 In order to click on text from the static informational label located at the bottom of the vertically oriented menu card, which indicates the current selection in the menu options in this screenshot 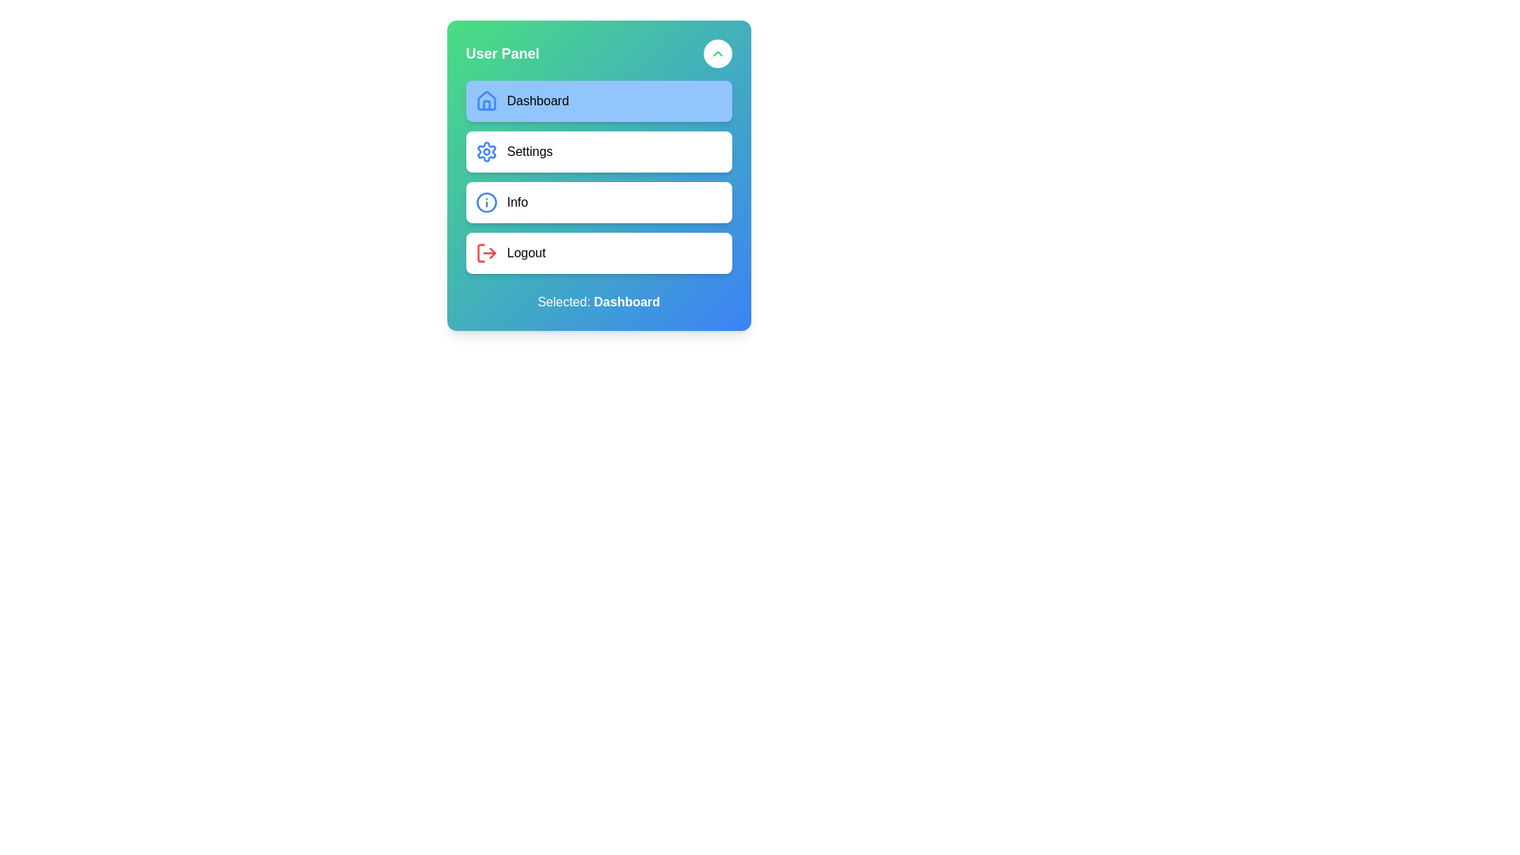, I will do `click(598, 302)`.